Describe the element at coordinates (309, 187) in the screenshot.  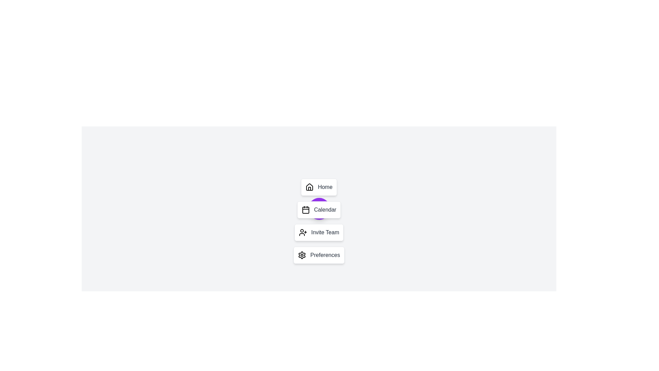
I see `the 'Home' icon in the navigation menu` at that location.